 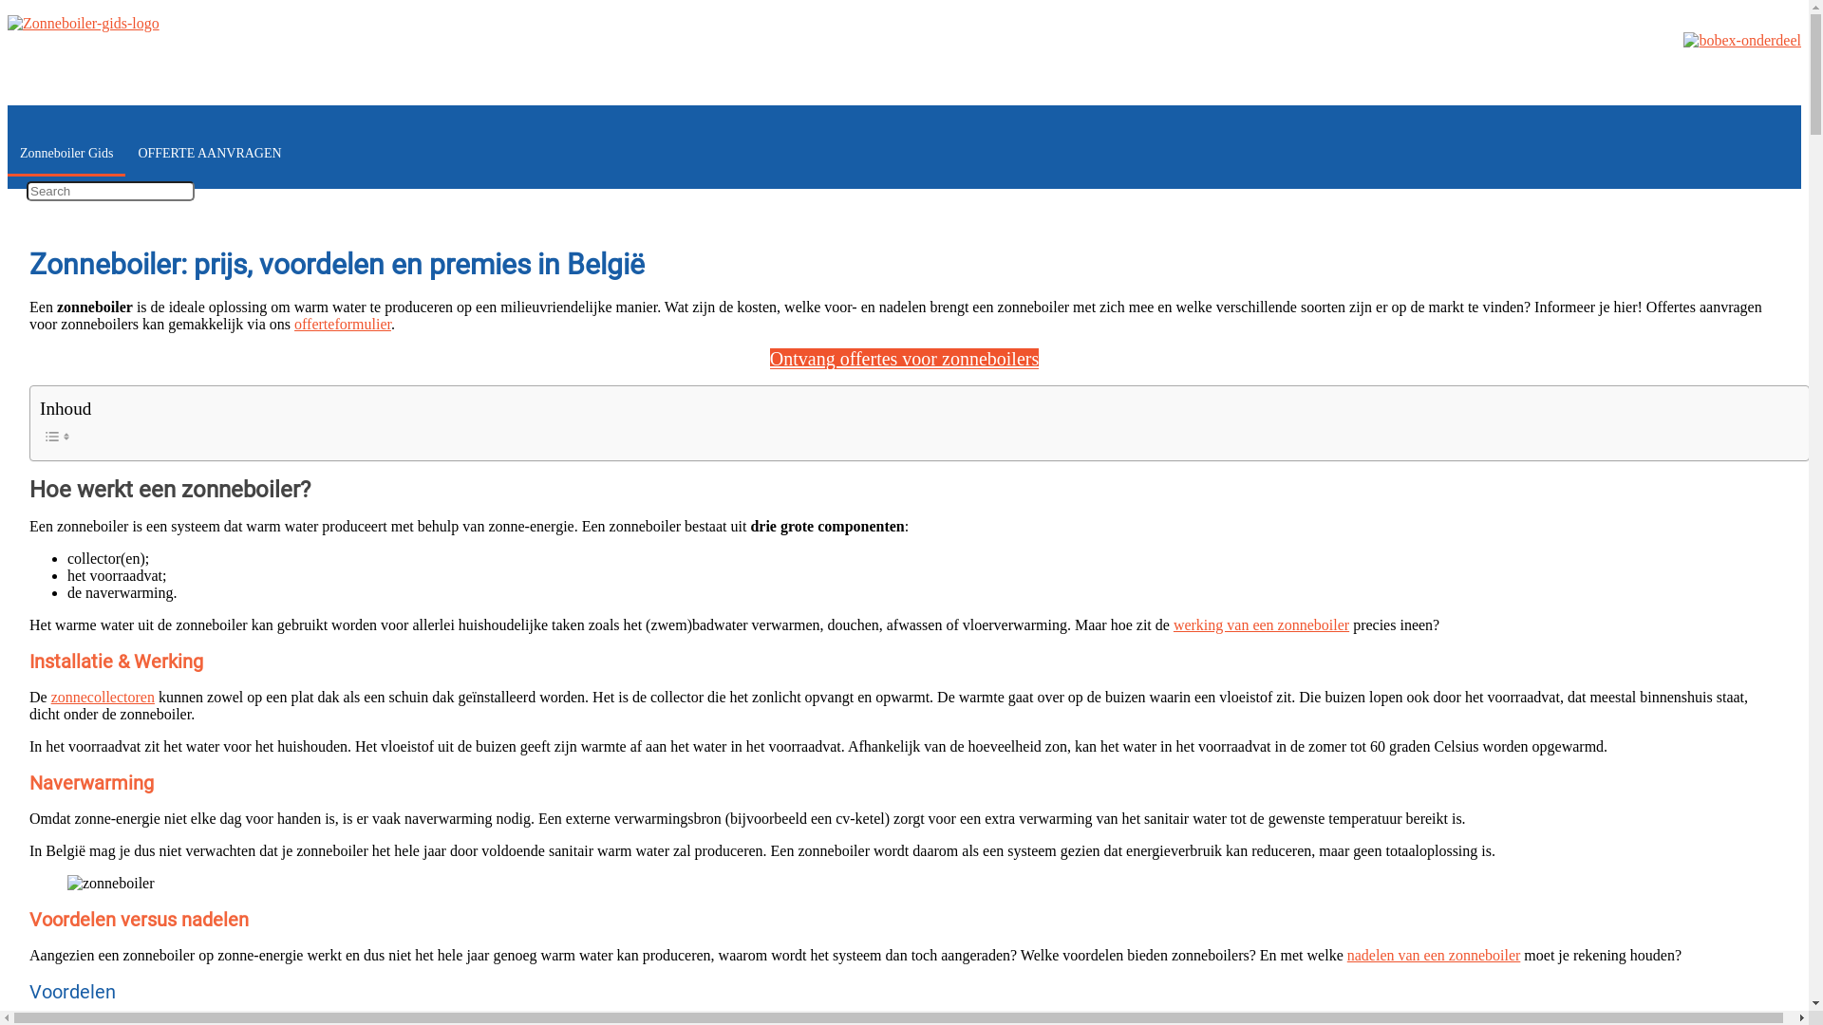 What do you see at coordinates (903, 359) in the screenshot?
I see `'Ontvang offertes voor zonneboilers'` at bounding box center [903, 359].